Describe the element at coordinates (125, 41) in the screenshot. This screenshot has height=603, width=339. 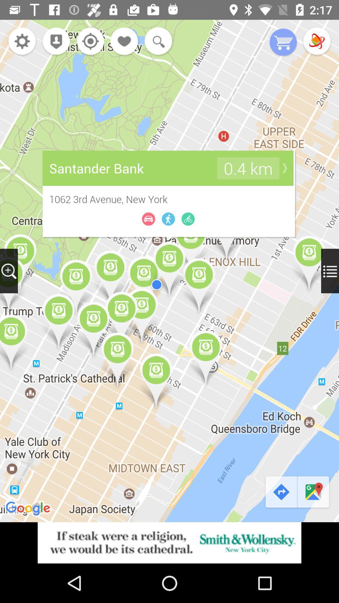
I see `place` at that location.